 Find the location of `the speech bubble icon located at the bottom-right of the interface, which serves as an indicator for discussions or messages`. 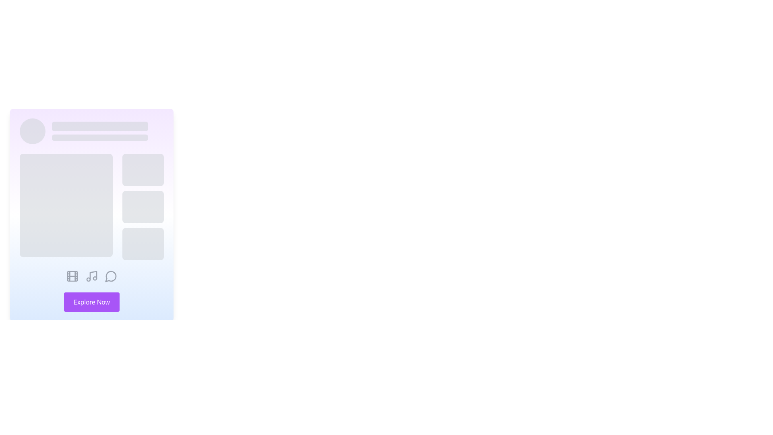

the speech bubble icon located at the bottom-right of the interface, which serves as an indicator for discussions or messages is located at coordinates (110, 276).